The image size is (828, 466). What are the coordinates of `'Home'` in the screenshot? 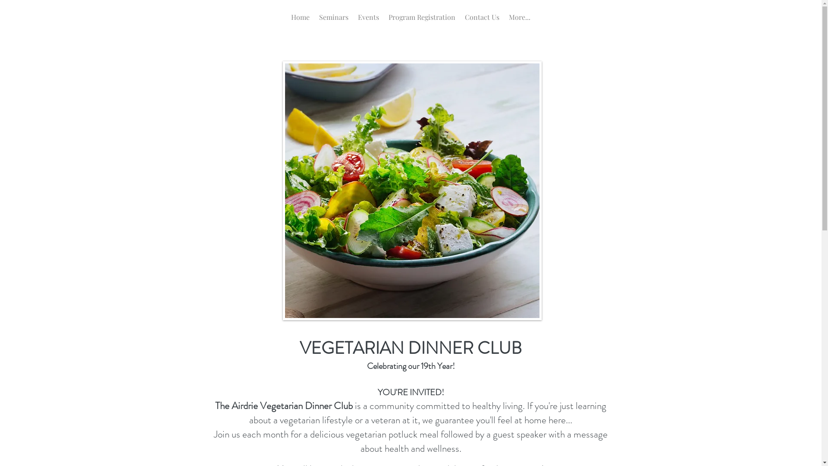 It's located at (300, 19).